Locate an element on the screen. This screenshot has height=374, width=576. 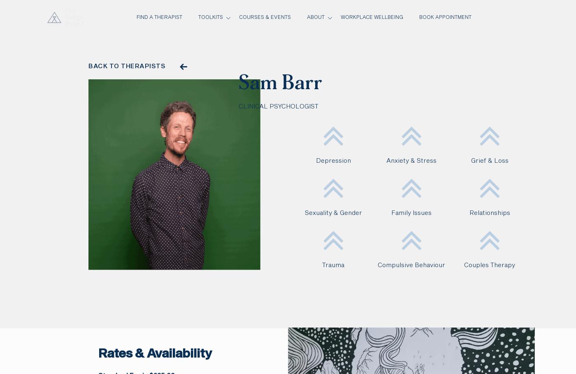
'Book Appointment' is located at coordinates (418, 17).